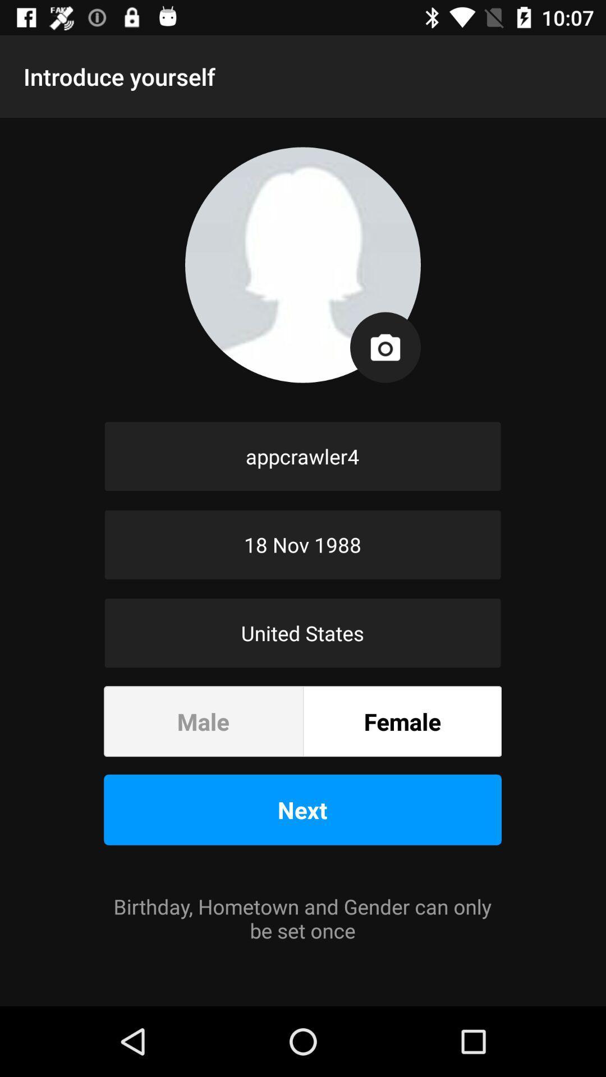 The height and width of the screenshot is (1077, 606). Describe the element at coordinates (302, 809) in the screenshot. I see `the item below the male icon` at that location.